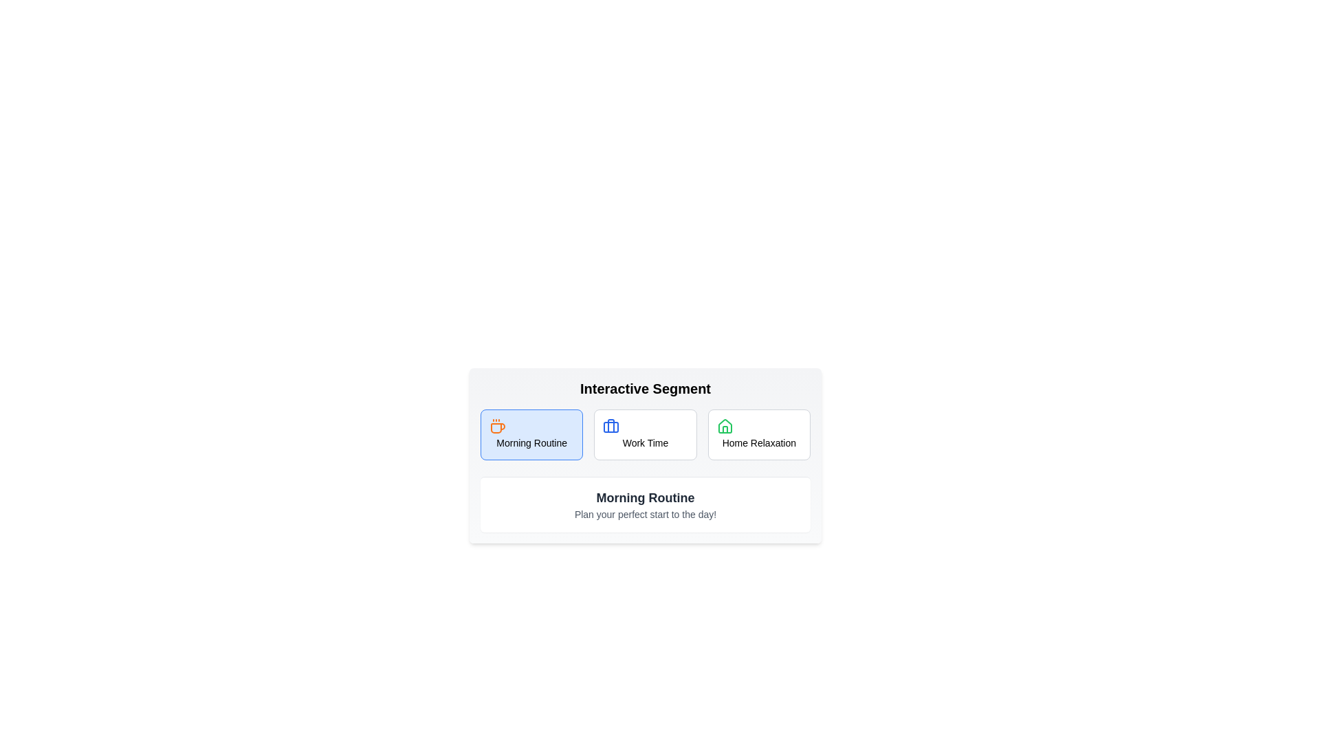 The height and width of the screenshot is (742, 1320). I want to click on the 'Home Relaxation' icon, which serves as a visual identifier for the relaxation section in the interface, located in the right section of three similar cards, so click(724, 426).